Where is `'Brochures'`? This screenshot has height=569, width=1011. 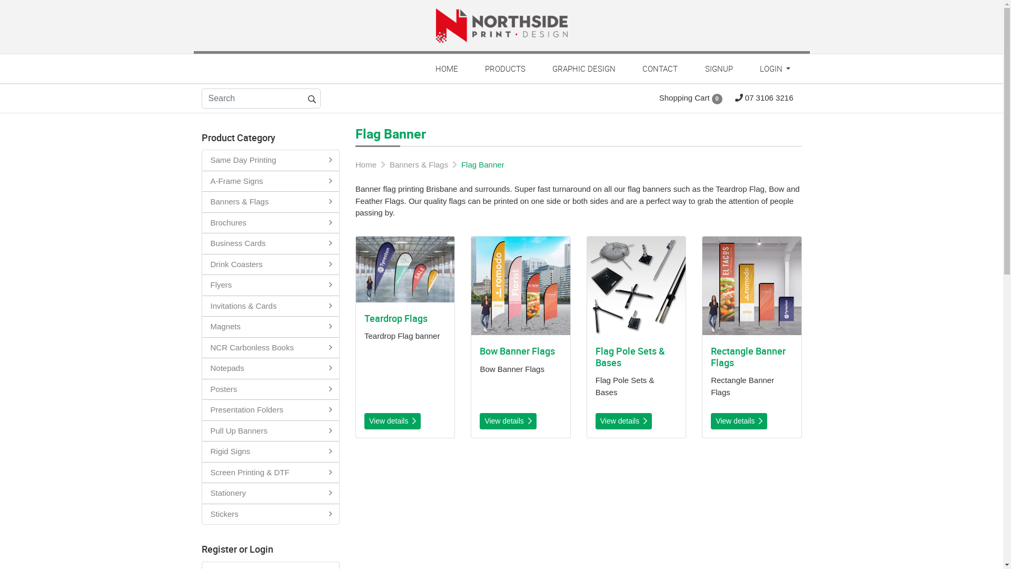 'Brochures' is located at coordinates (202, 222).